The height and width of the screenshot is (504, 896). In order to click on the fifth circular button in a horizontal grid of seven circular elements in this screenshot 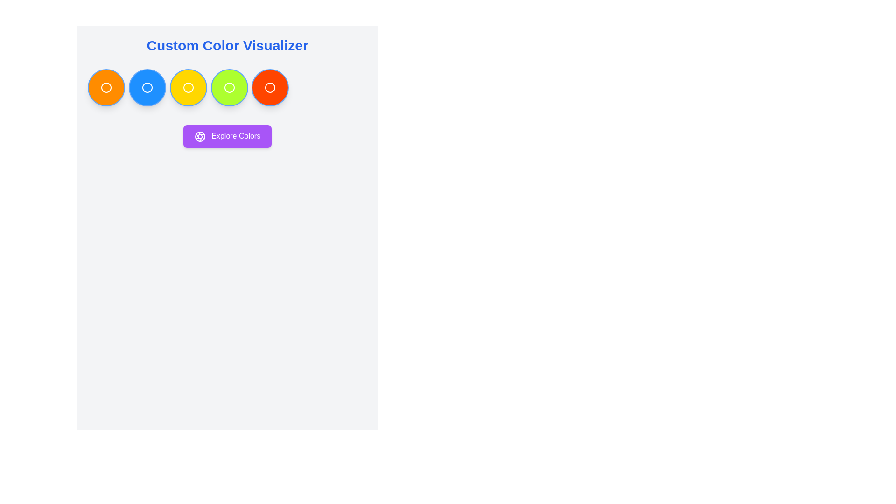, I will do `click(229, 88)`.